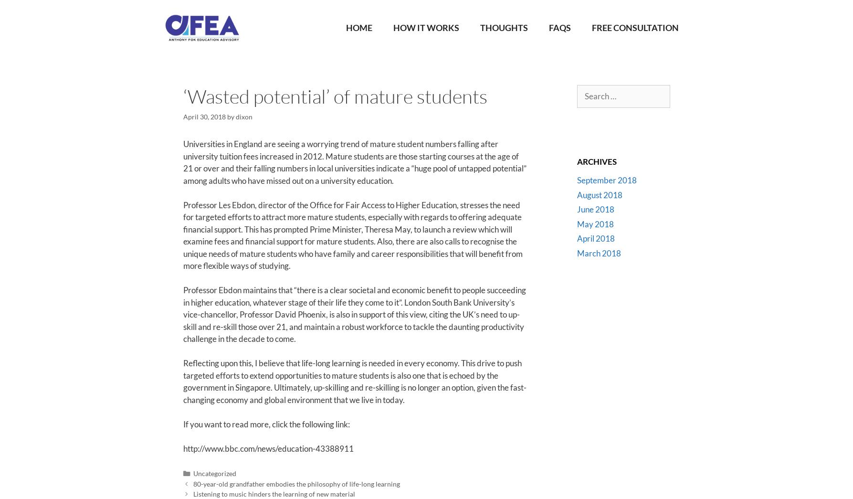 This screenshot has width=853, height=499. Describe the element at coordinates (182, 424) in the screenshot. I see `'If you want to read more, click the following link:'` at that location.